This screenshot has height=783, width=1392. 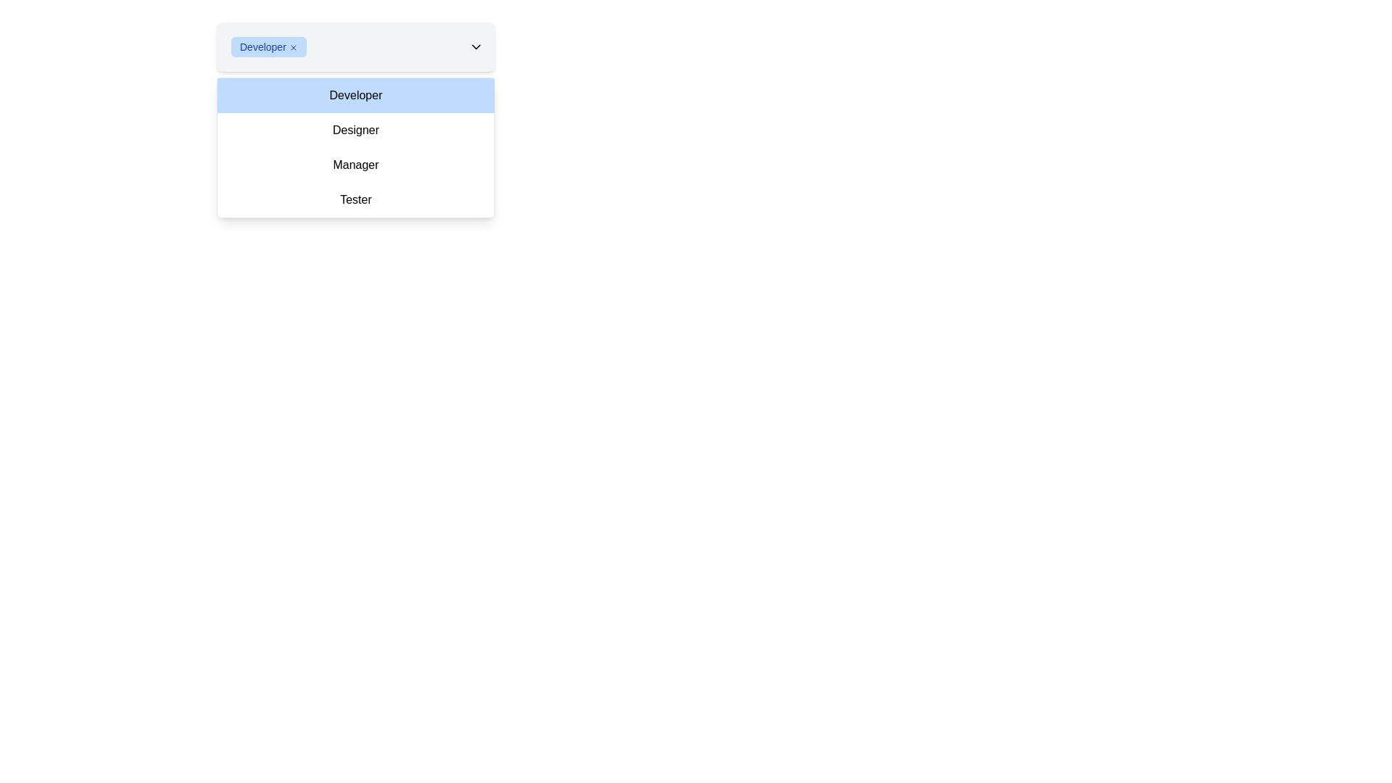 What do you see at coordinates (355, 46) in the screenshot?
I see `the currently selected option in the dropdown menu` at bounding box center [355, 46].